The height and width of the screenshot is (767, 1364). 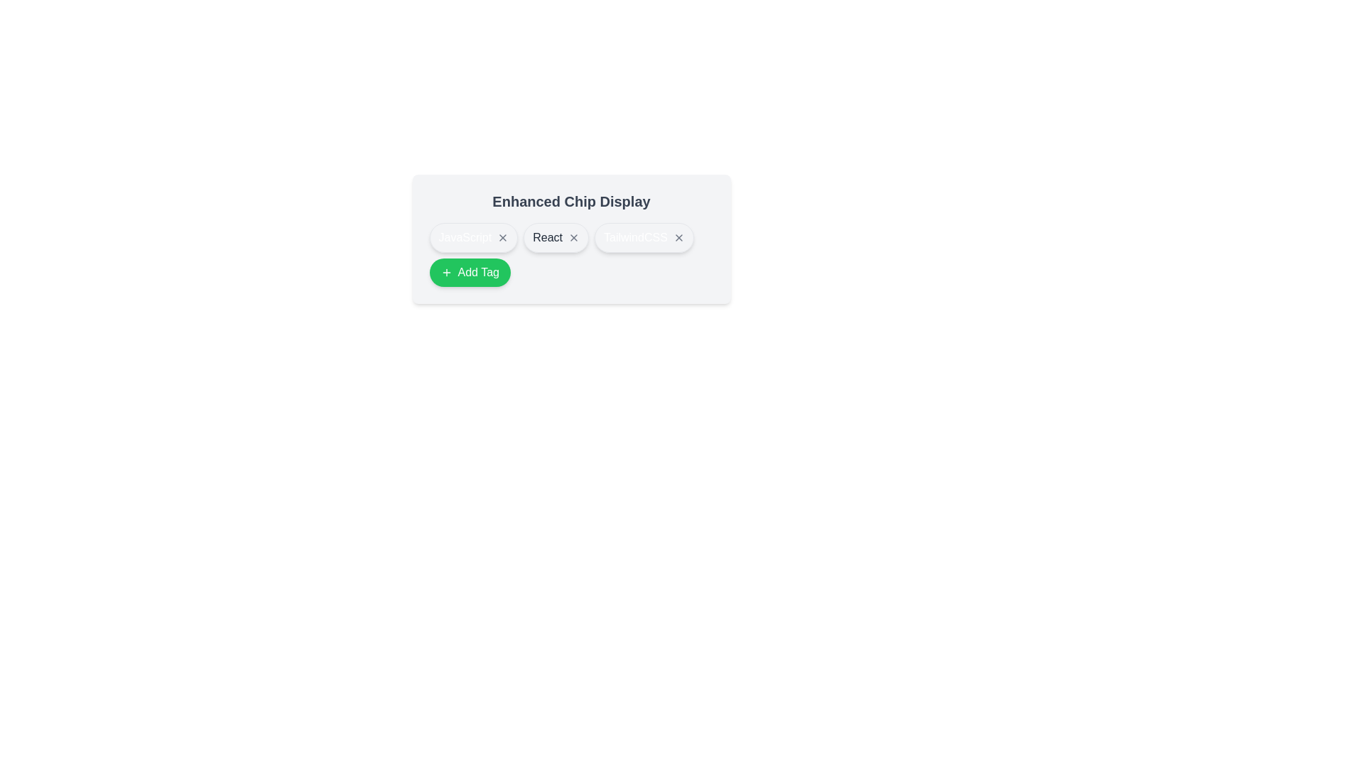 What do you see at coordinates (556, 237) in the screenshot?
I see `the tag React` at bounding box center [556, 237].